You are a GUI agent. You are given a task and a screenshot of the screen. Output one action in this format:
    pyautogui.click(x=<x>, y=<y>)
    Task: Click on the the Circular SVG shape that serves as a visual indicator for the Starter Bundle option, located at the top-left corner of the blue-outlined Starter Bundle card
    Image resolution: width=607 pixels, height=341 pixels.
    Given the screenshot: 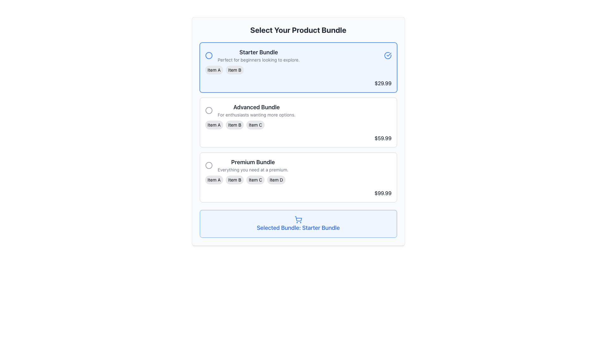 What is the action you would take?
    pyautogui.click(x=209, y=55)
    